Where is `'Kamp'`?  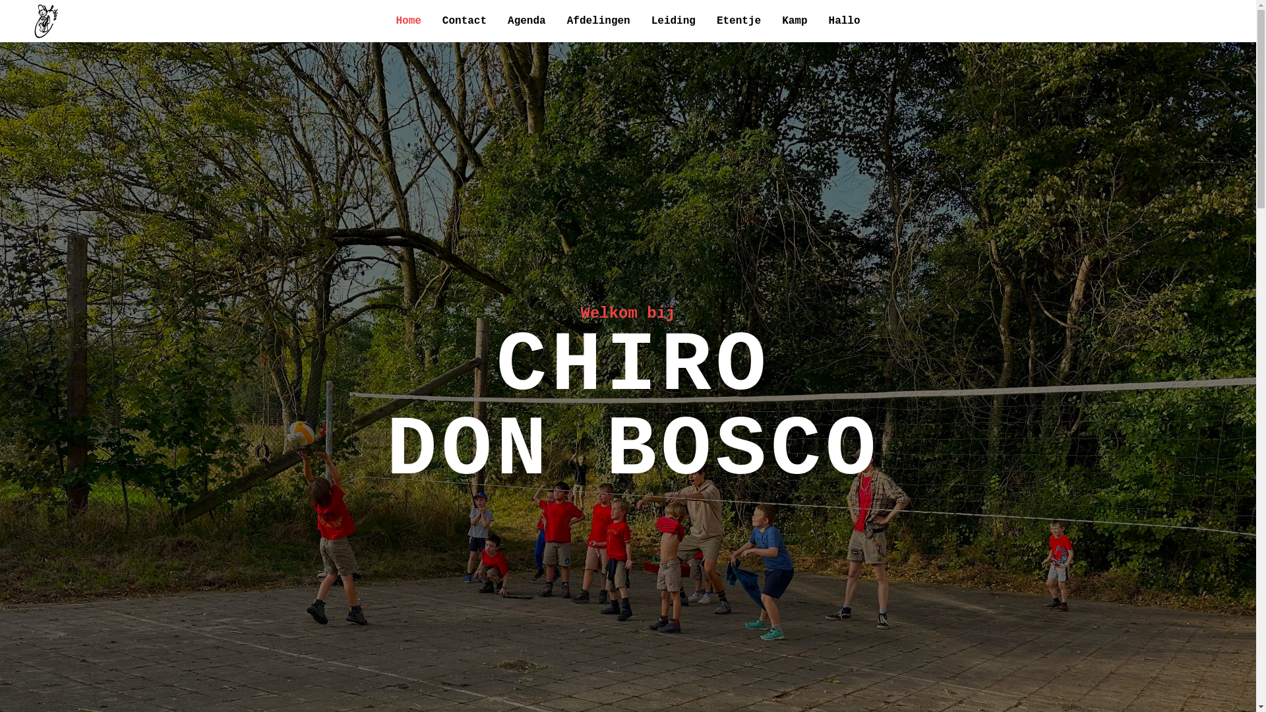
'Kamp' is located at coordinates (793, 20).